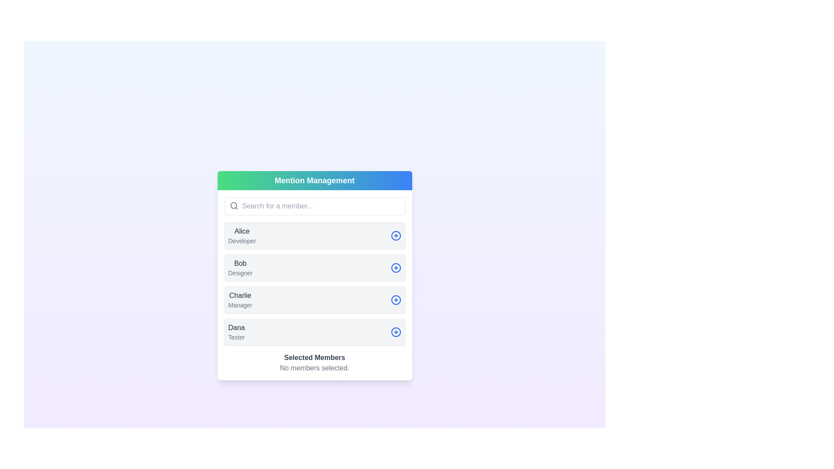 The height and width of the screenshot is (469, 834). What do you see at coordinates (395, 268) in the screenshot?
I see `the button located in the top-right corner of the 'Bob Designer' user card` at bounding box center [395, 268].